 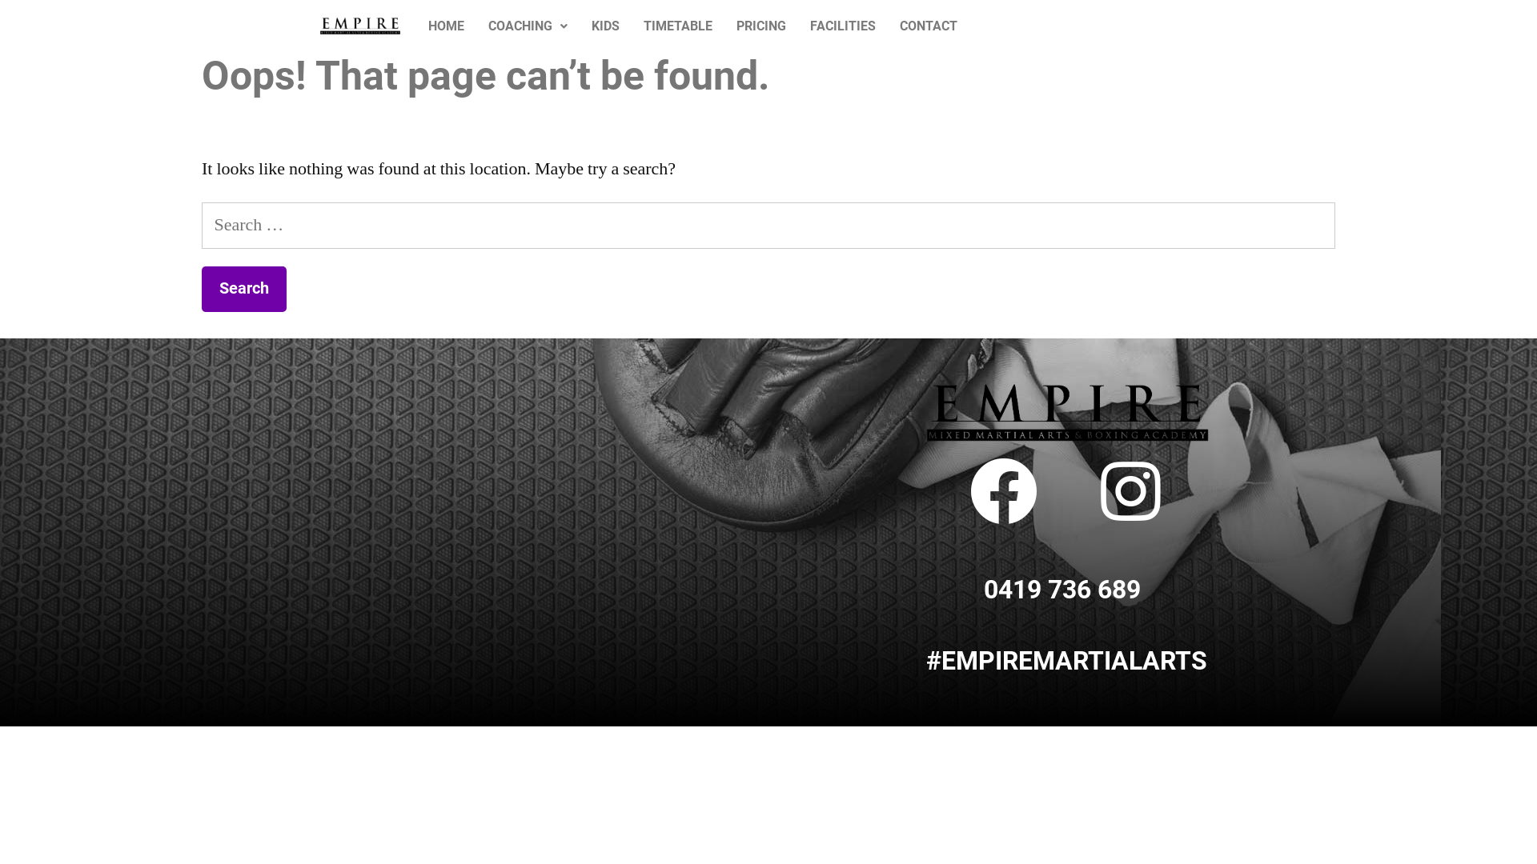 I want to click on 'FACILITIES', so click(x=841, y=26).